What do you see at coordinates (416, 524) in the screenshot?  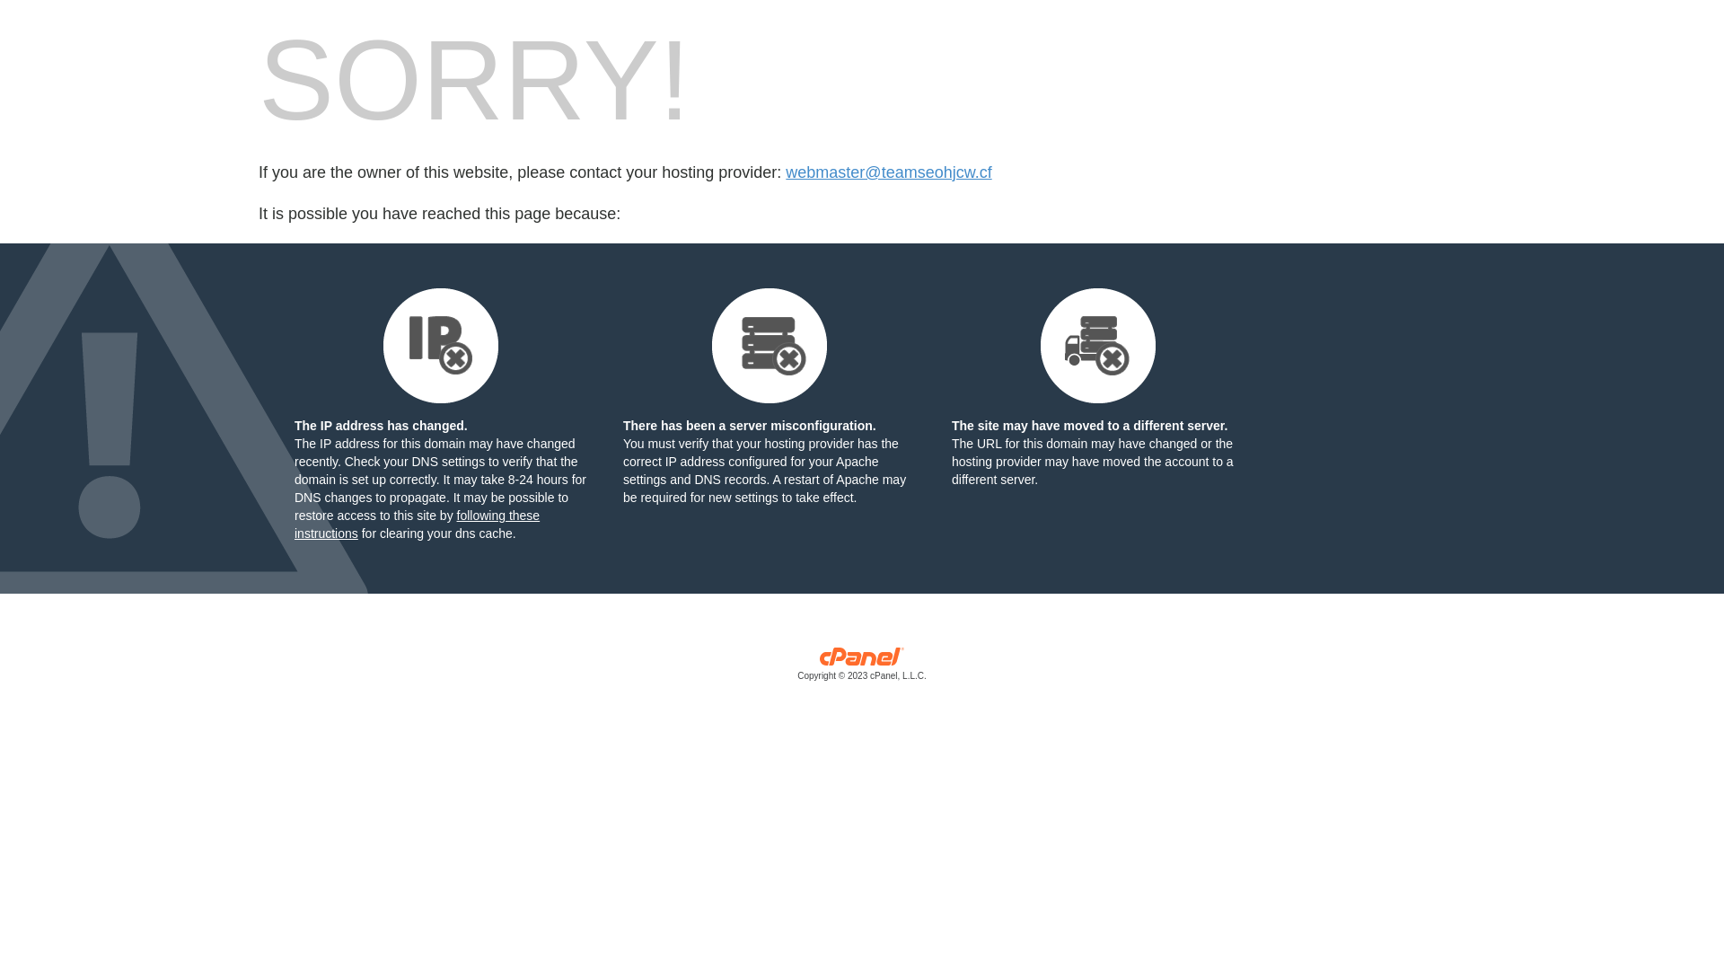 I see `'following these instructions'` at bounding box center [416, 524].